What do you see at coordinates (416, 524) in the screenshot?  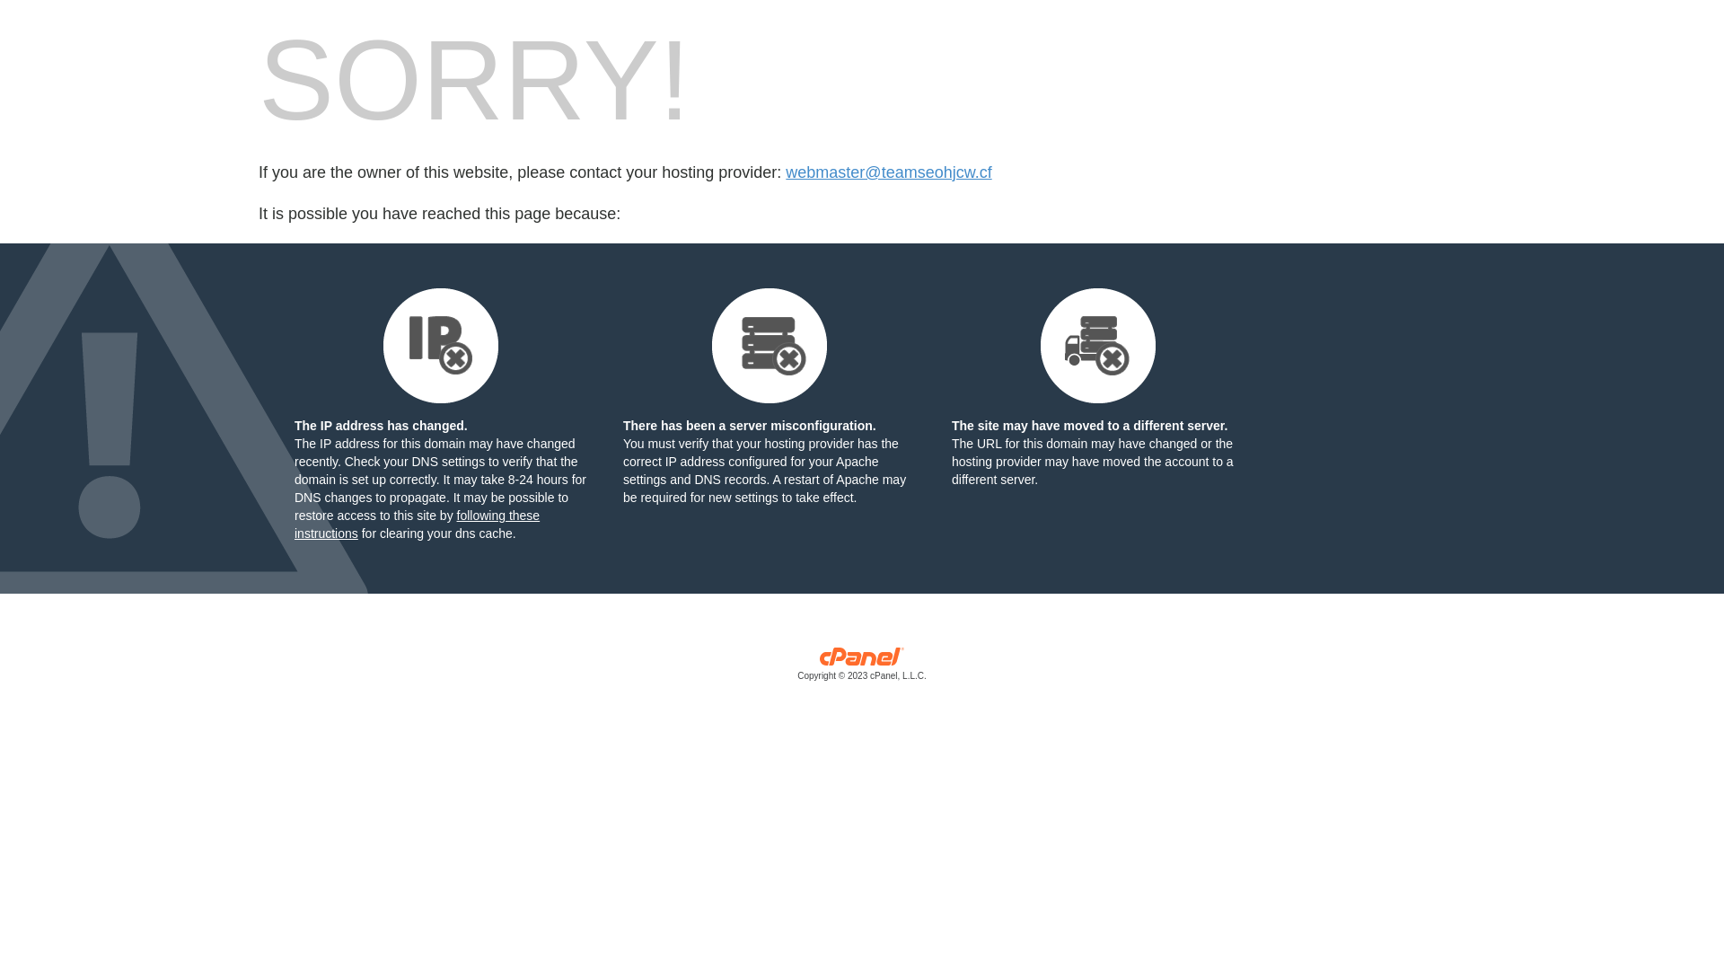 I see `'following these instructions'` at bounding box center [416, 524].